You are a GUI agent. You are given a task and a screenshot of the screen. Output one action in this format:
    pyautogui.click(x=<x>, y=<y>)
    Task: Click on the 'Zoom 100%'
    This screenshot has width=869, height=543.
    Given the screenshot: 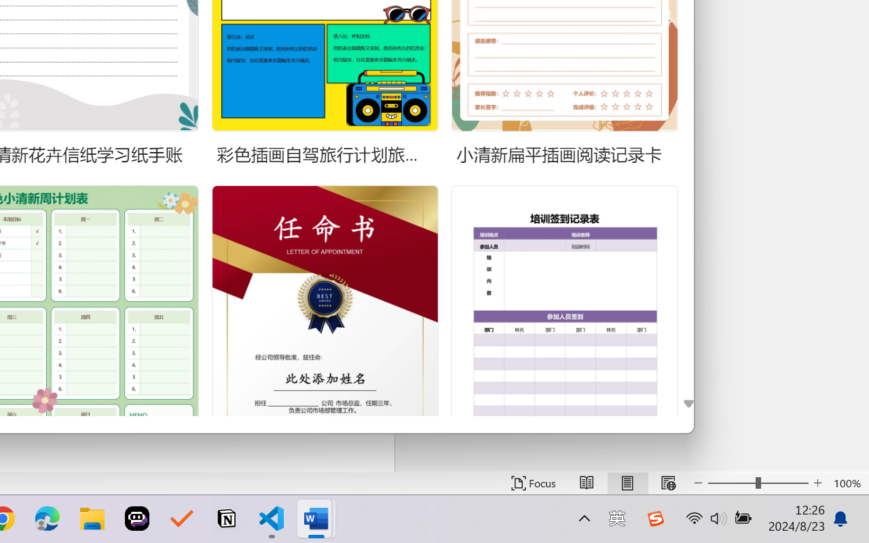 What is the action you would take?
    pyautogui.click(x=847, y=483)
    